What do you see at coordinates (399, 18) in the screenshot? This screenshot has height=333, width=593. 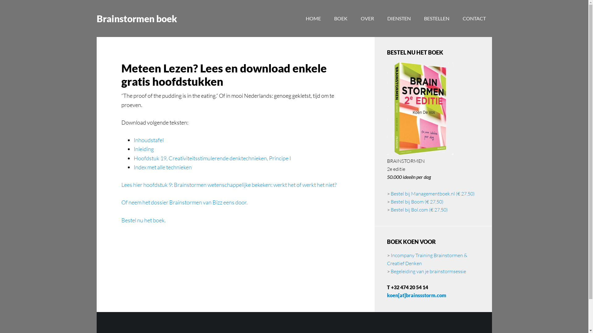 I see `'DIENSTEN'` at bounding box center [399, 18].